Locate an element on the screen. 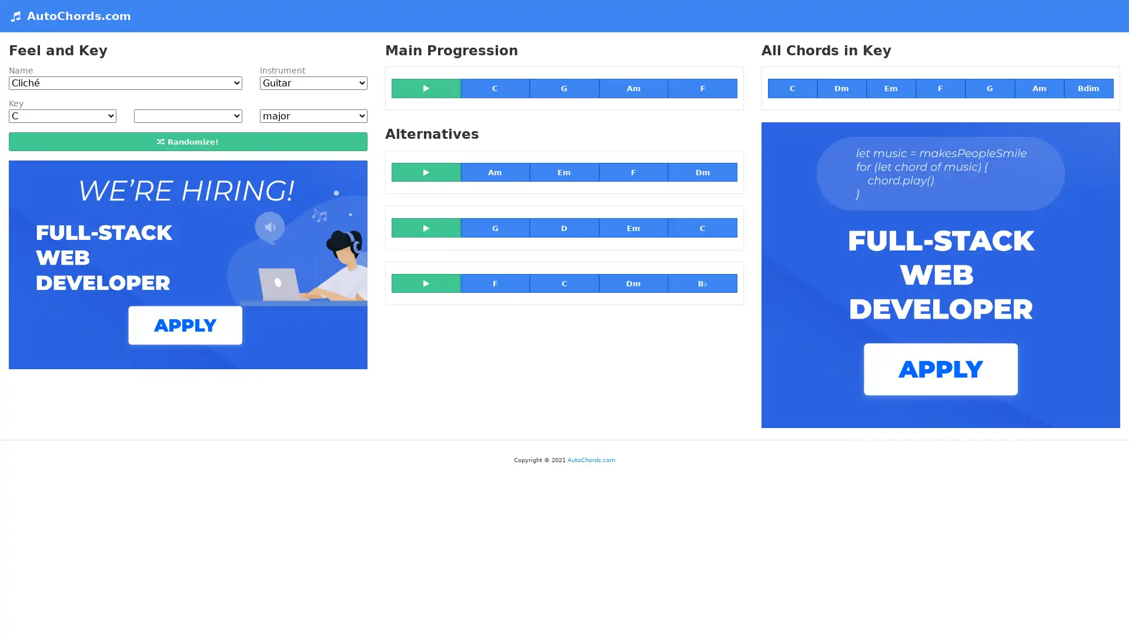 The height and width of the screenshot is (635, 1129). F is located at coordinates (632, 172).